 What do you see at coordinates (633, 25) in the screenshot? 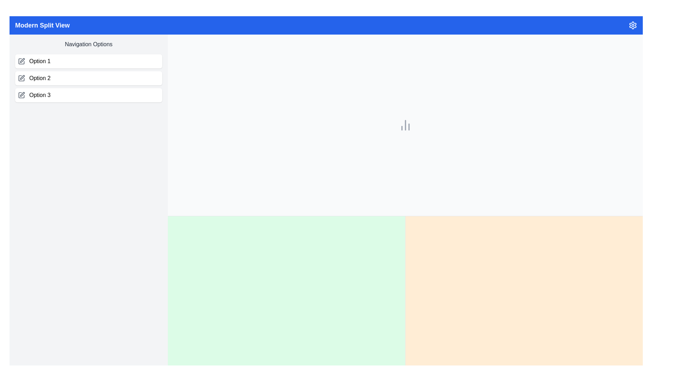
I see `the settings icon located at the top-right corner of the header navigation bar` at bounding box center [633, 25].